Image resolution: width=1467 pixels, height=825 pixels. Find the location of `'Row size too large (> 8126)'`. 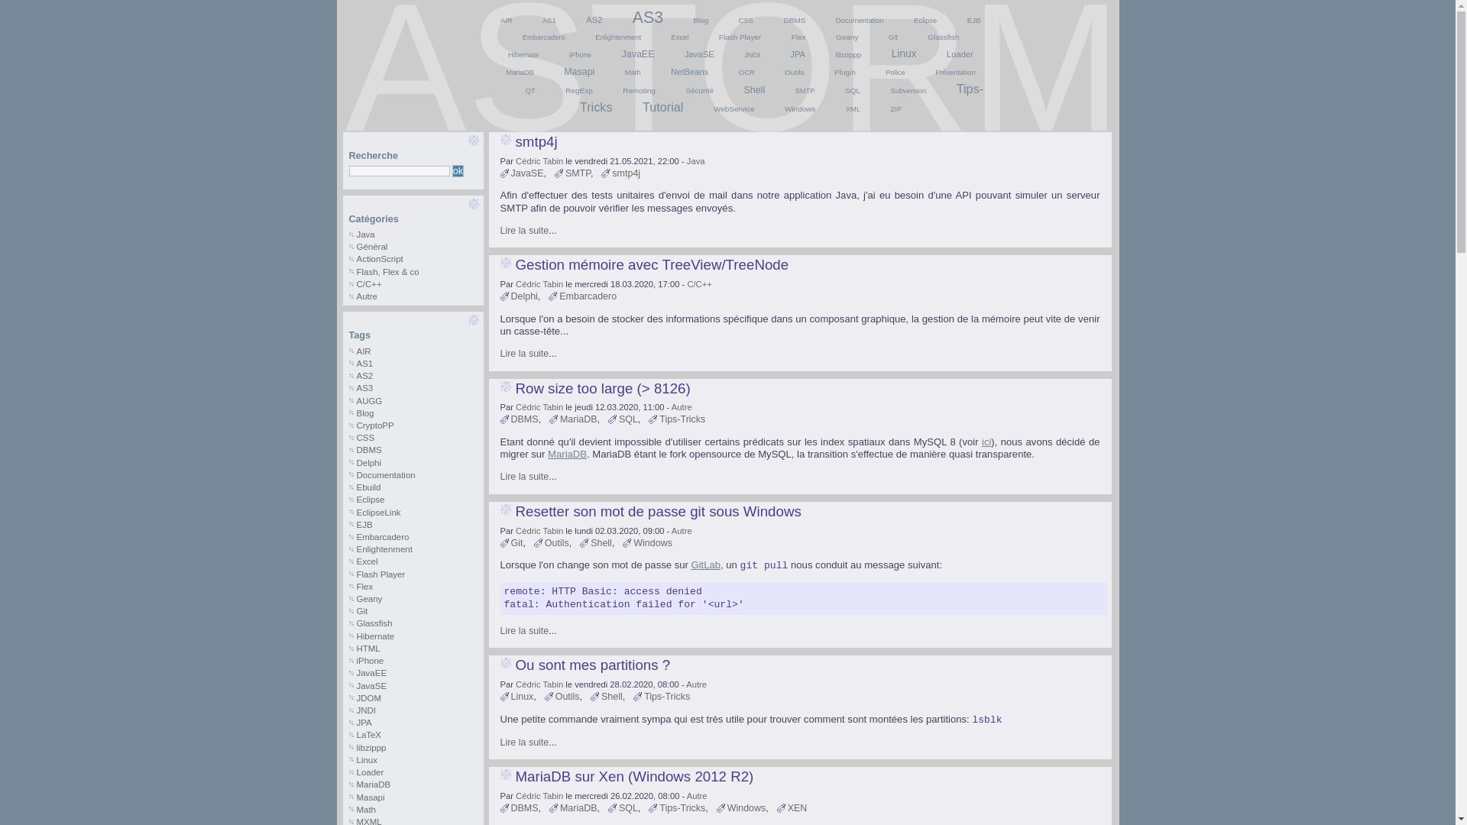

'Row size too large (> 8126)' is located at coordinates (601, 387).